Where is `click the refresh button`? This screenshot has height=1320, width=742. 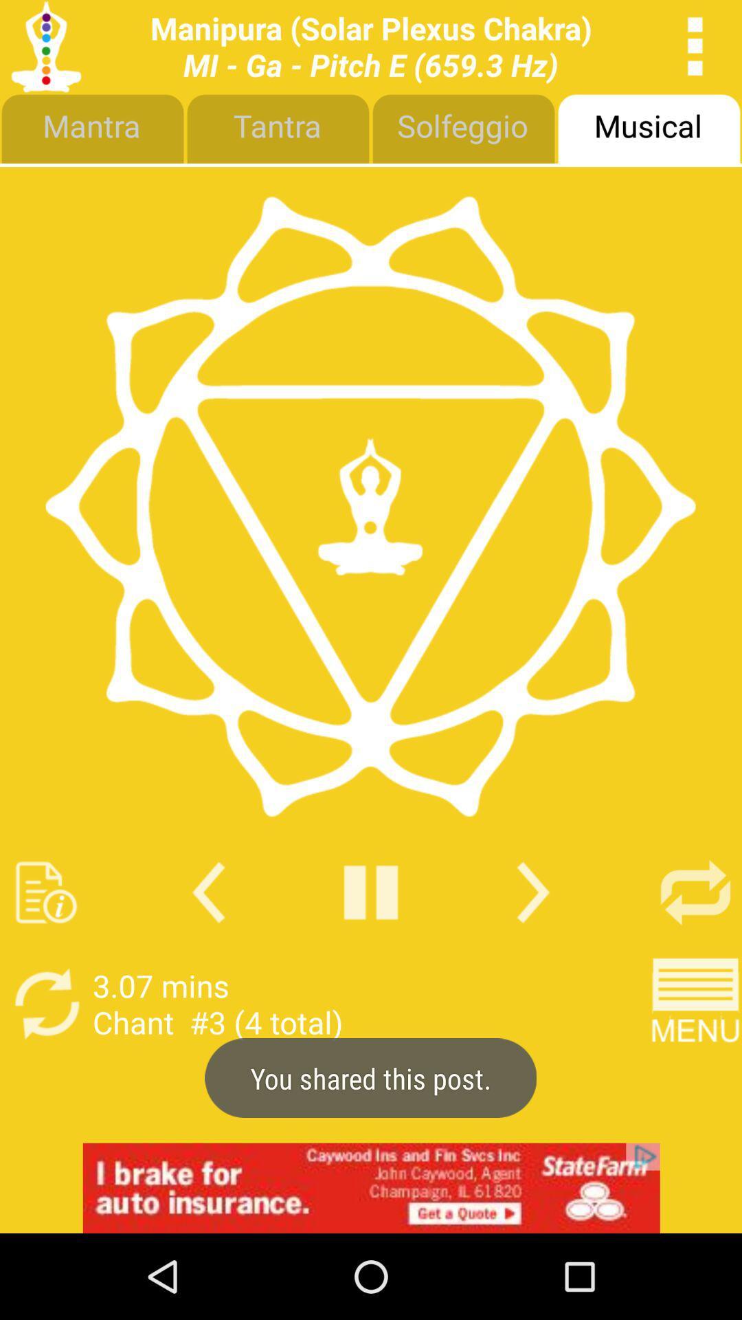 click the refresh button is located at coordinates (695, 892).